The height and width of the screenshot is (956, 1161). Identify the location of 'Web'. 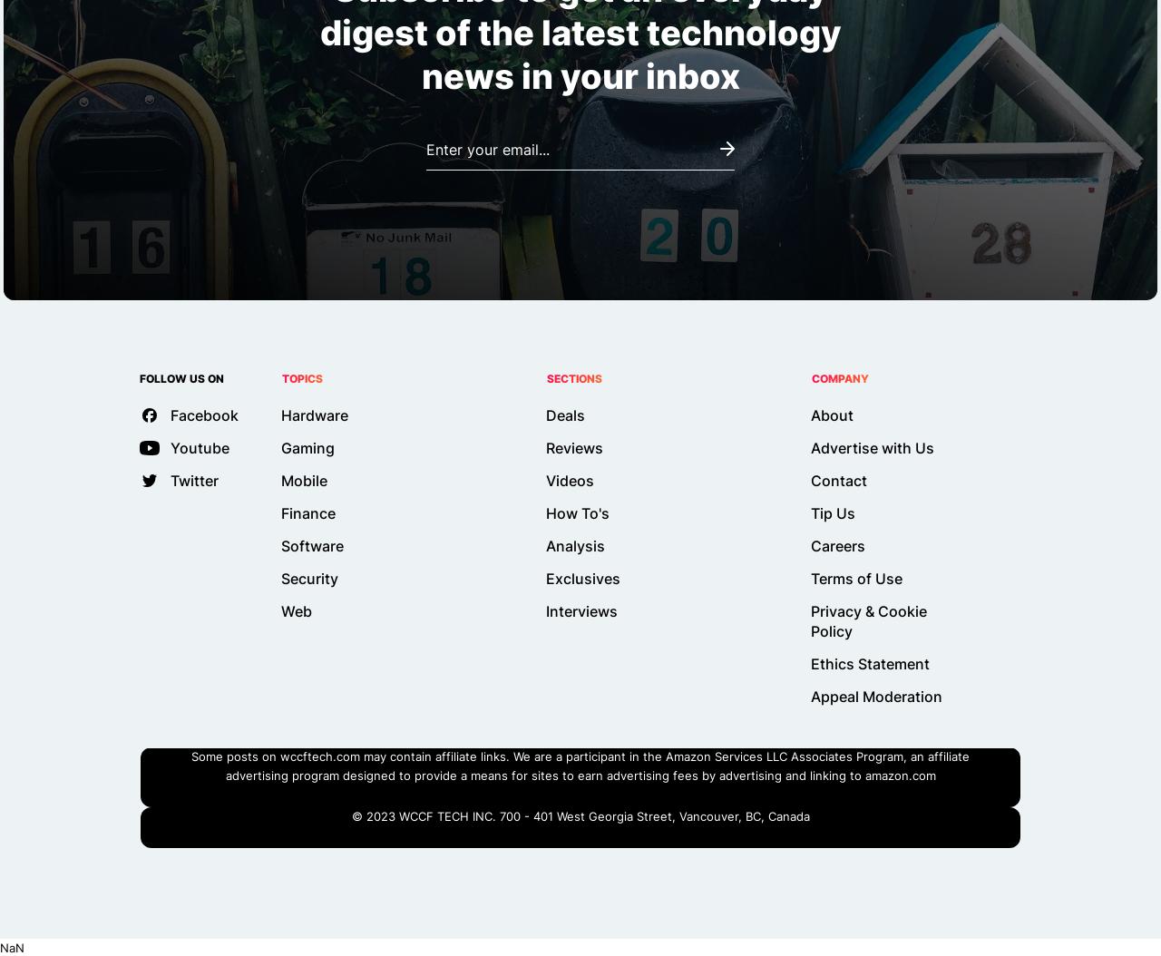
(297, 611).